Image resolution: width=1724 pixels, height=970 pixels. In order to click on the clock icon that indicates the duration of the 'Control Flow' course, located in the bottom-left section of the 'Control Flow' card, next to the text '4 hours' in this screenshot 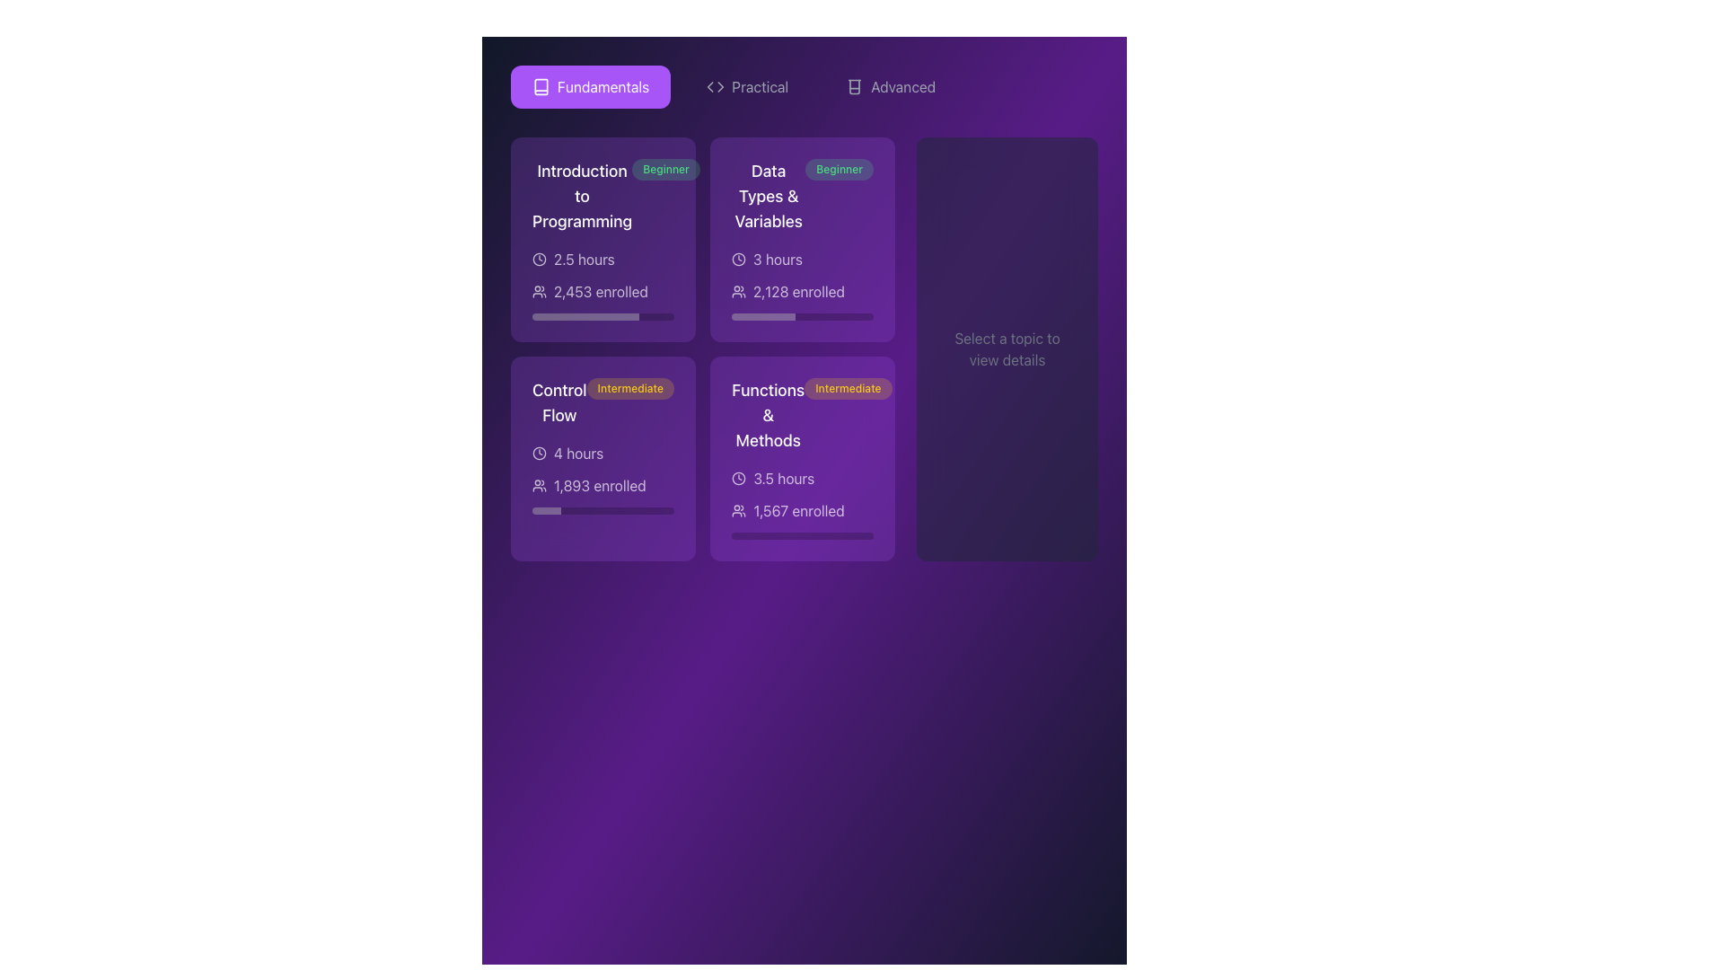, I will do `click(538, 453)`.